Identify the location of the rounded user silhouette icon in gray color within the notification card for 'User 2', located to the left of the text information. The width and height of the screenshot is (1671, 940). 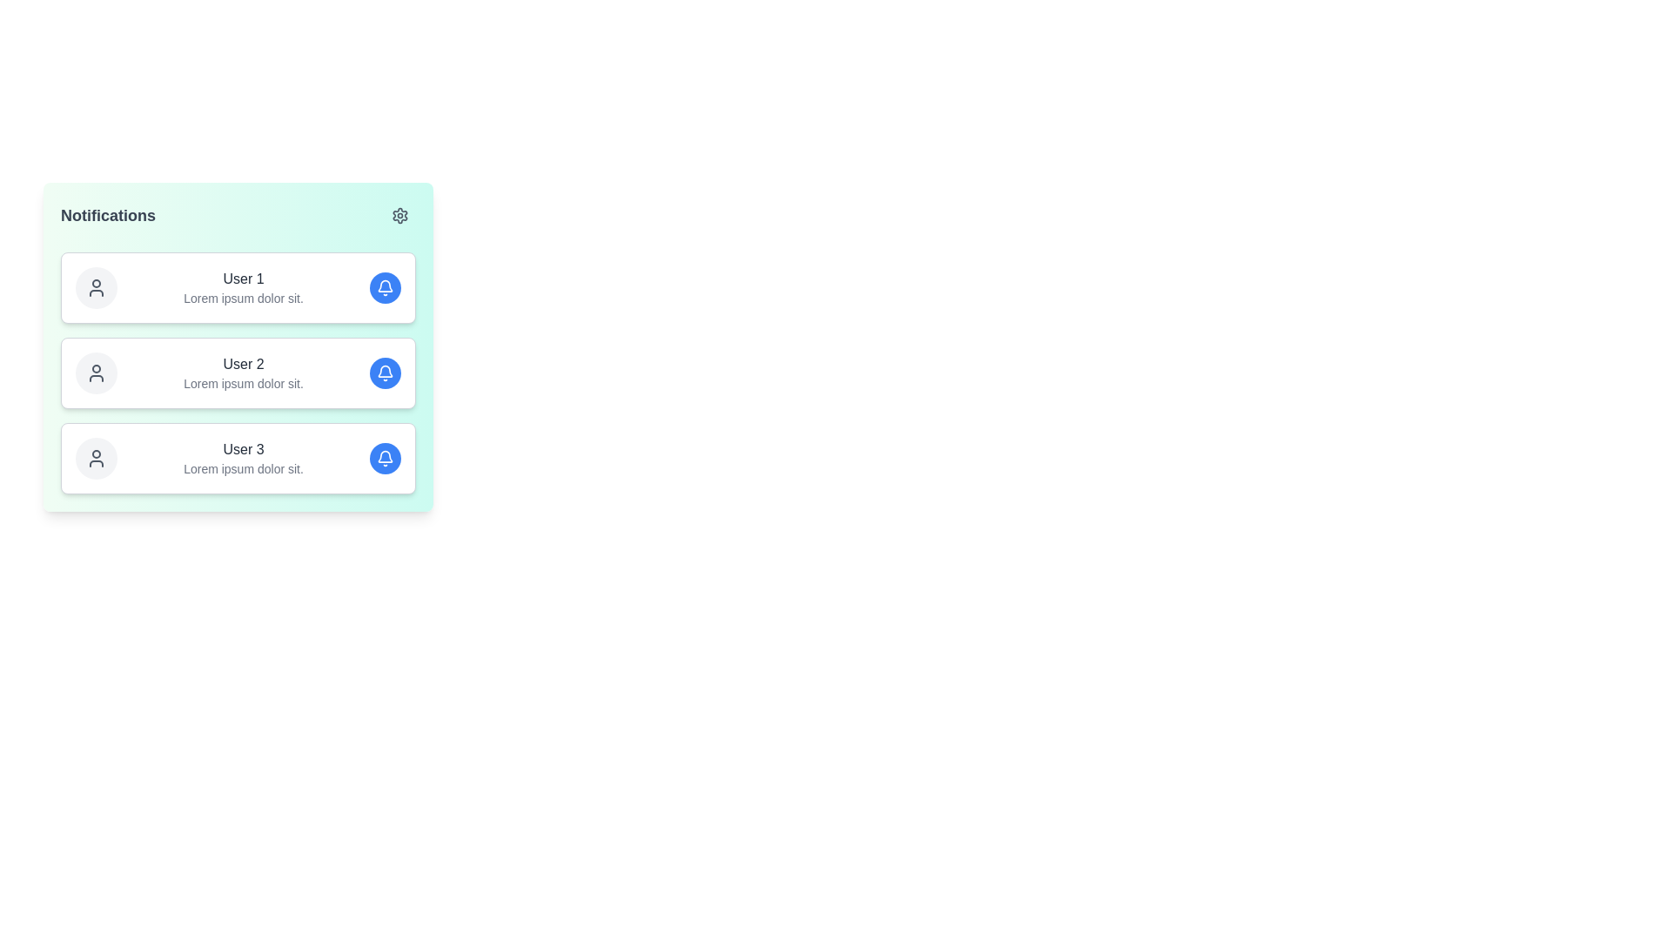
(95, 372).